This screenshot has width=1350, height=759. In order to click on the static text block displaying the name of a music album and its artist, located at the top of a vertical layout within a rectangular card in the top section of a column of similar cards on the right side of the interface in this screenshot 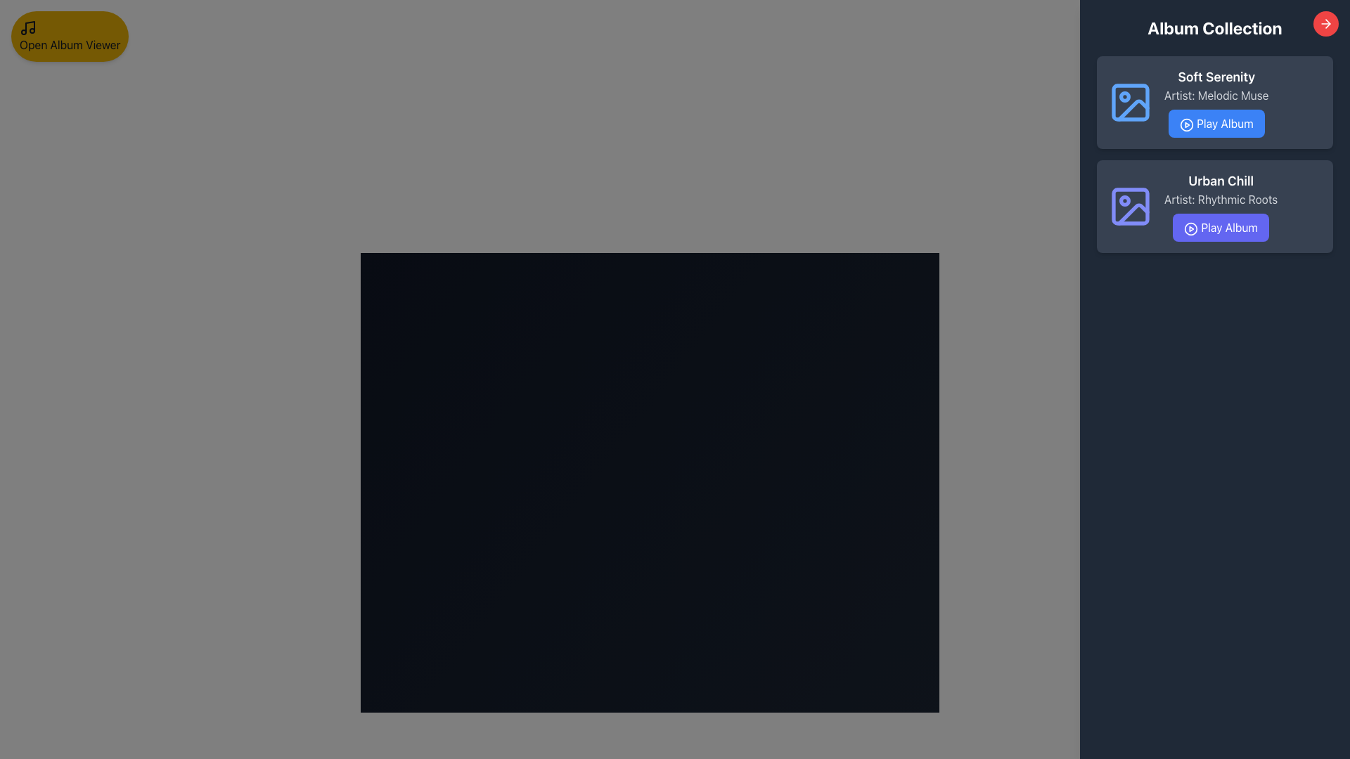, I will do `click(1216, 102)`.